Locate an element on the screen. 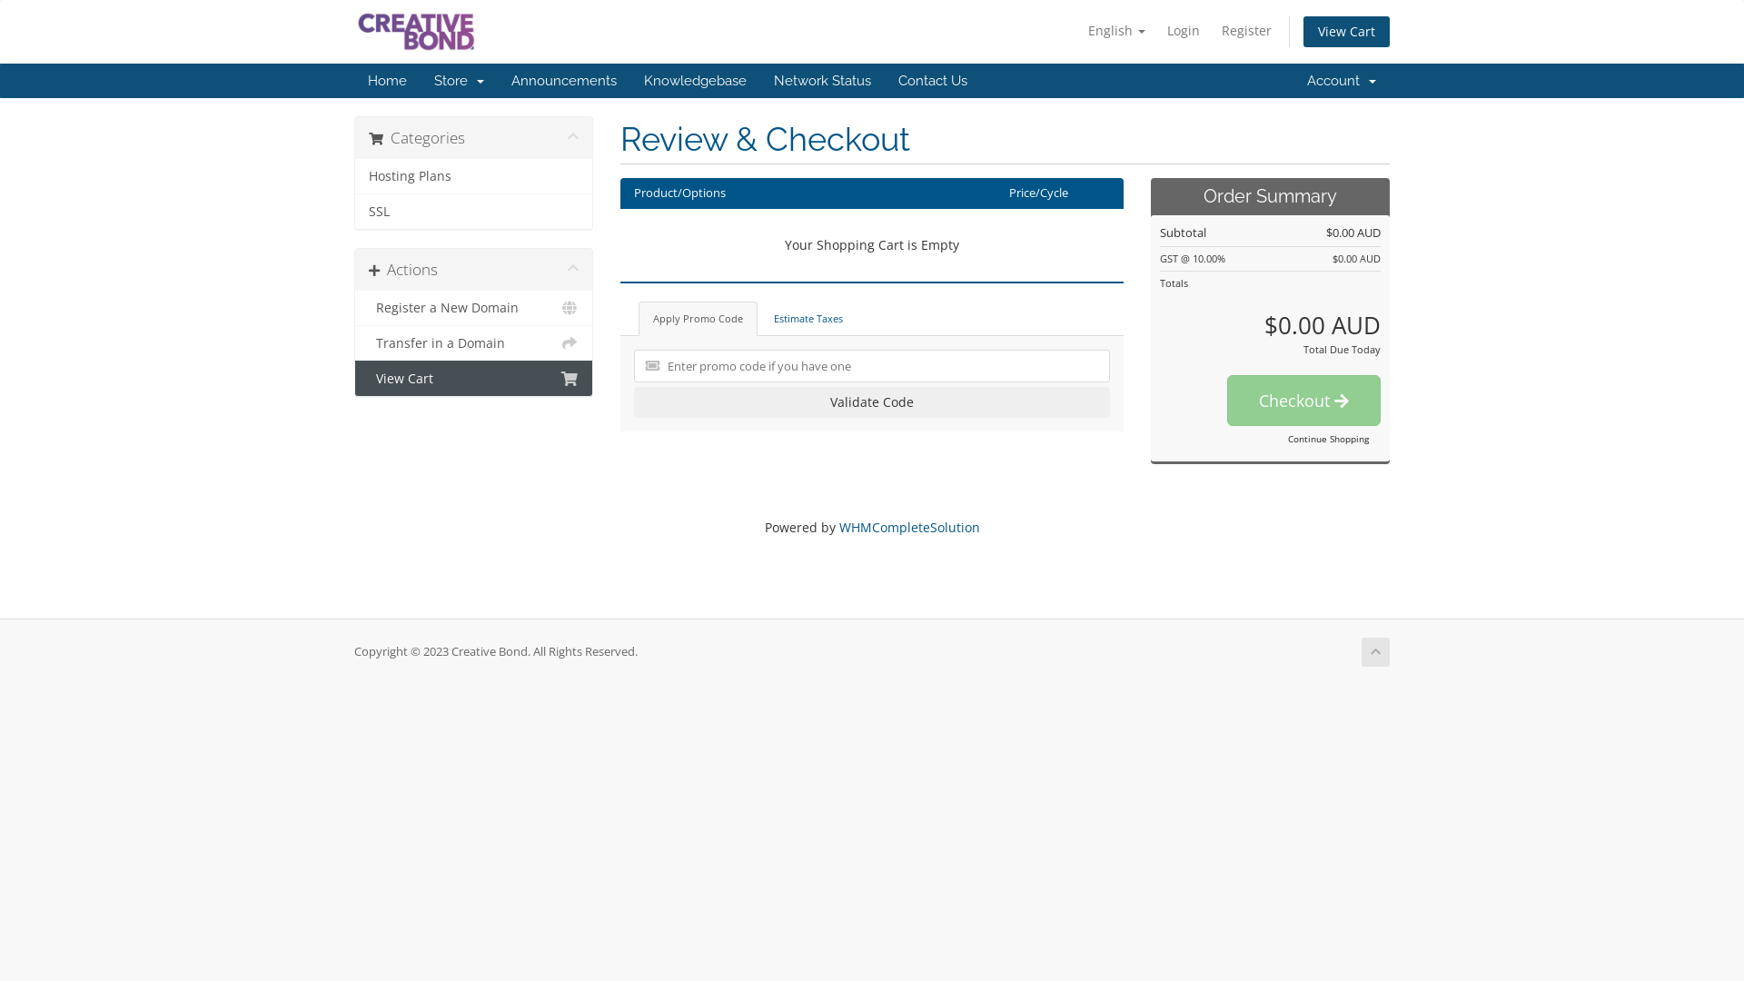 The image size is (1744, 981). 'Hosting Plans' is located at coordinates (473, 176).